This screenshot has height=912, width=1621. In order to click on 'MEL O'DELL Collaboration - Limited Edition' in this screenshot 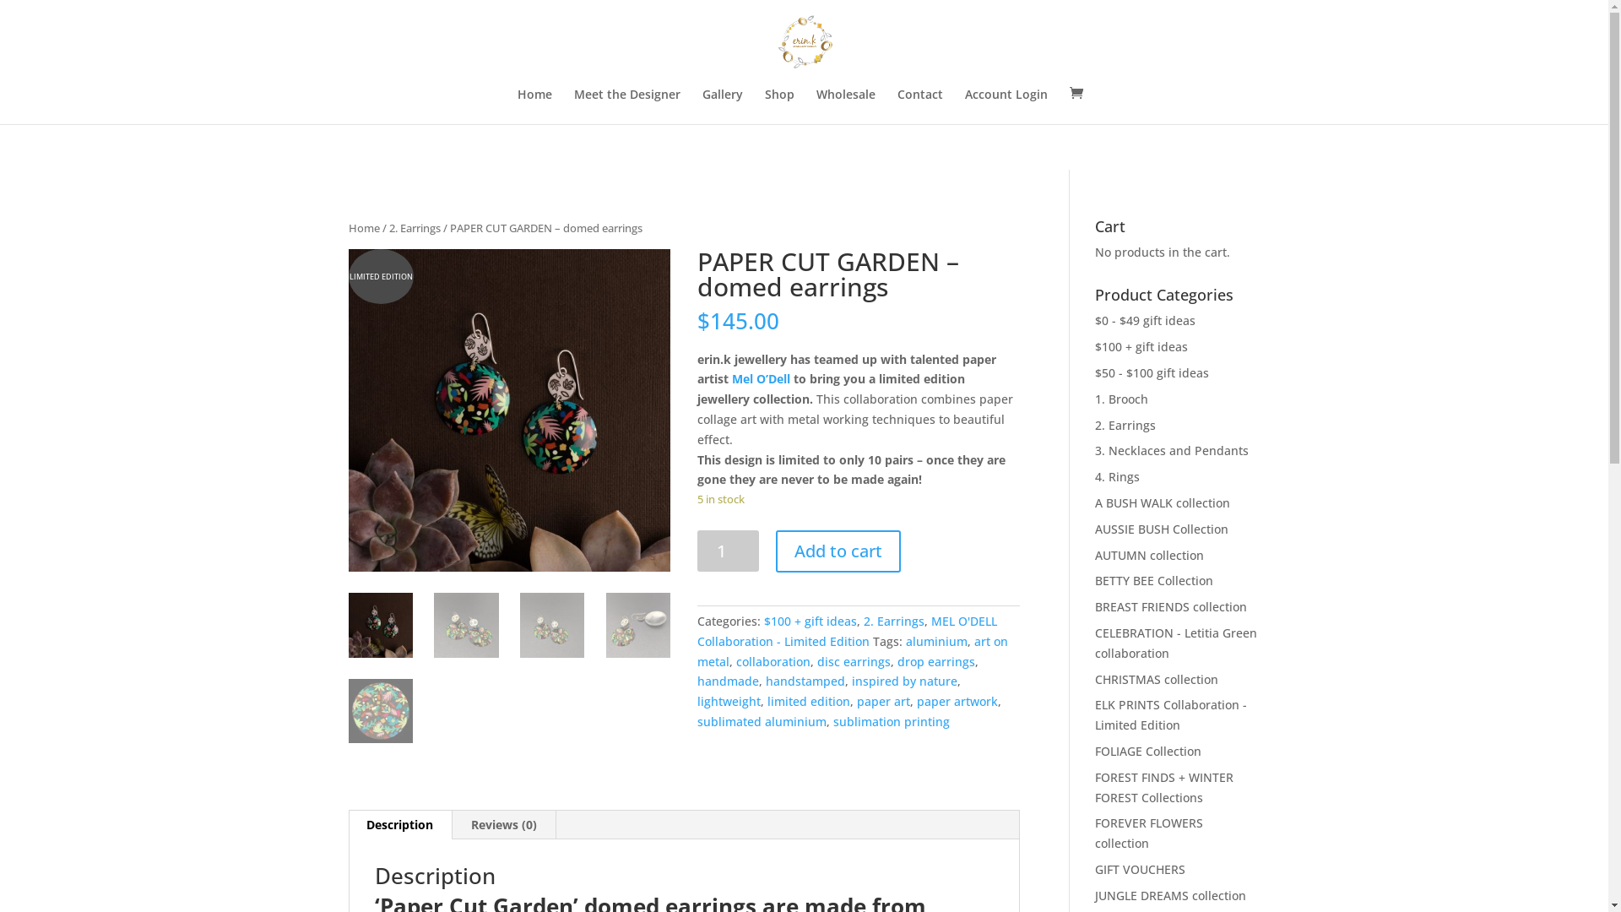, I will do `click(847, 631)`.